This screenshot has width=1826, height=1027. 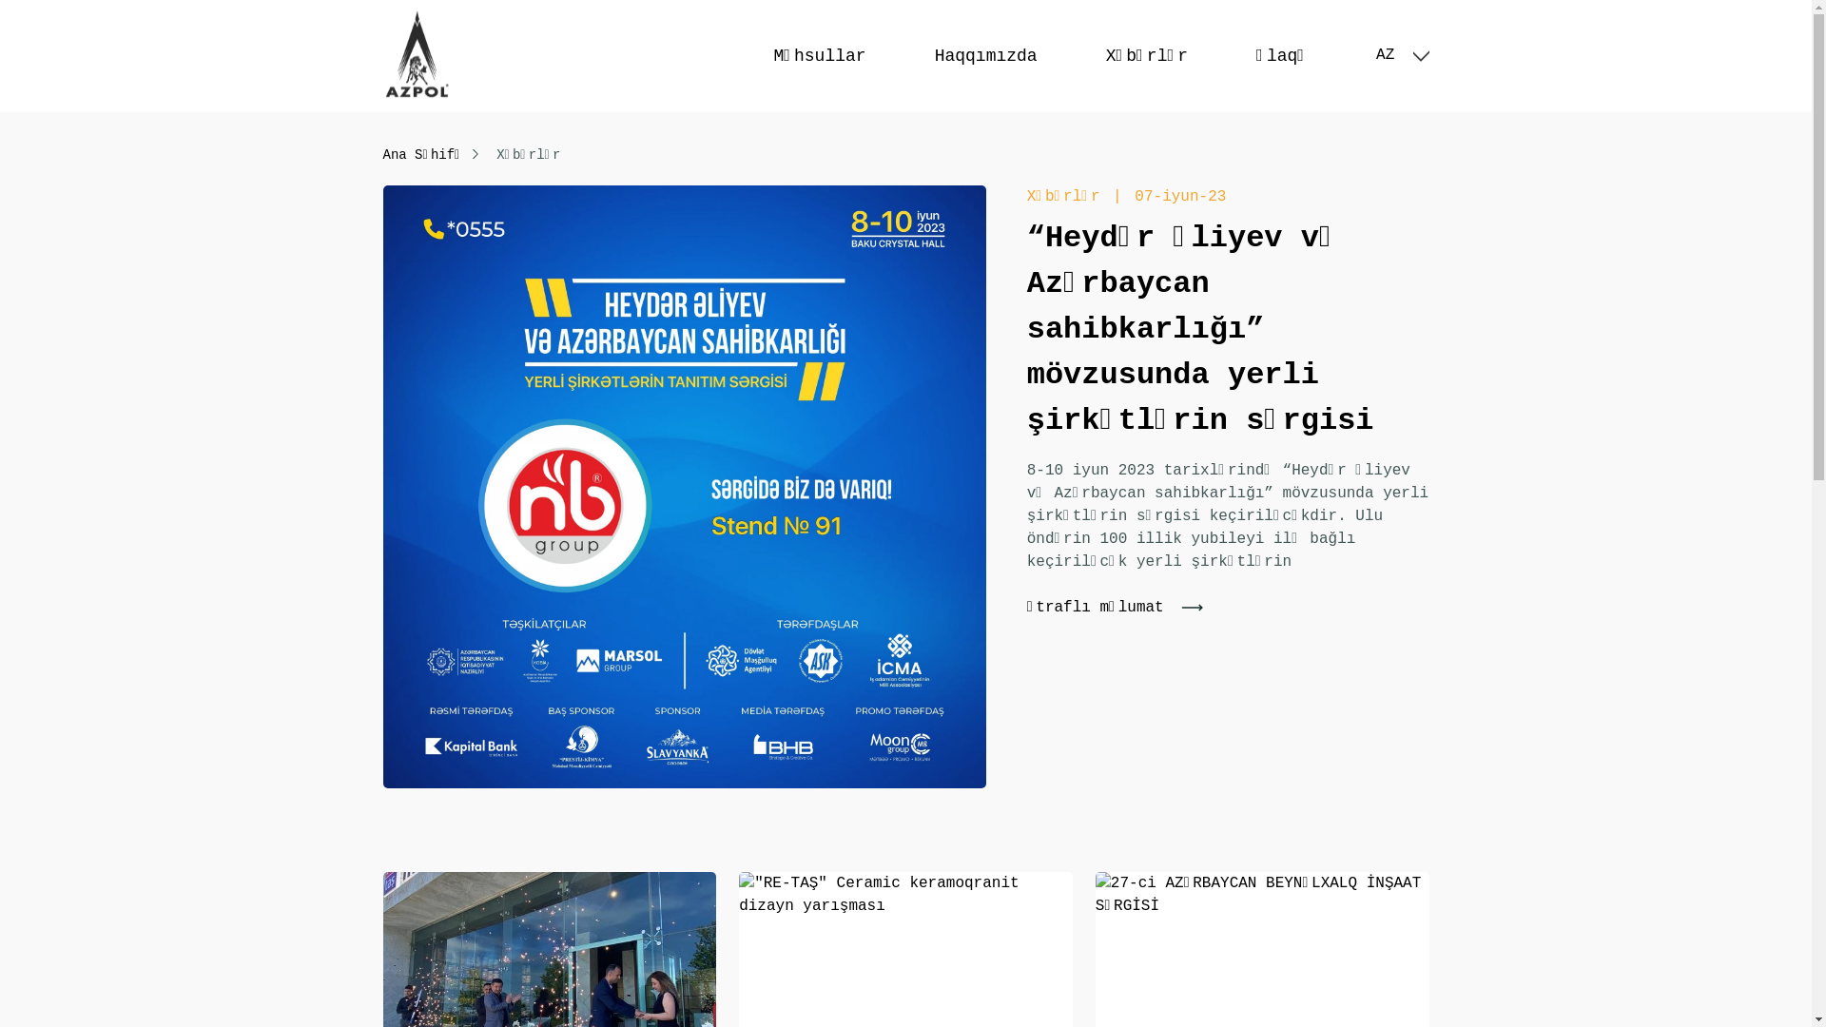 What do you see at coordinates (1375, 53) in the screenshot?
I see `'AZ  '` at bounding box center [1375, 53].